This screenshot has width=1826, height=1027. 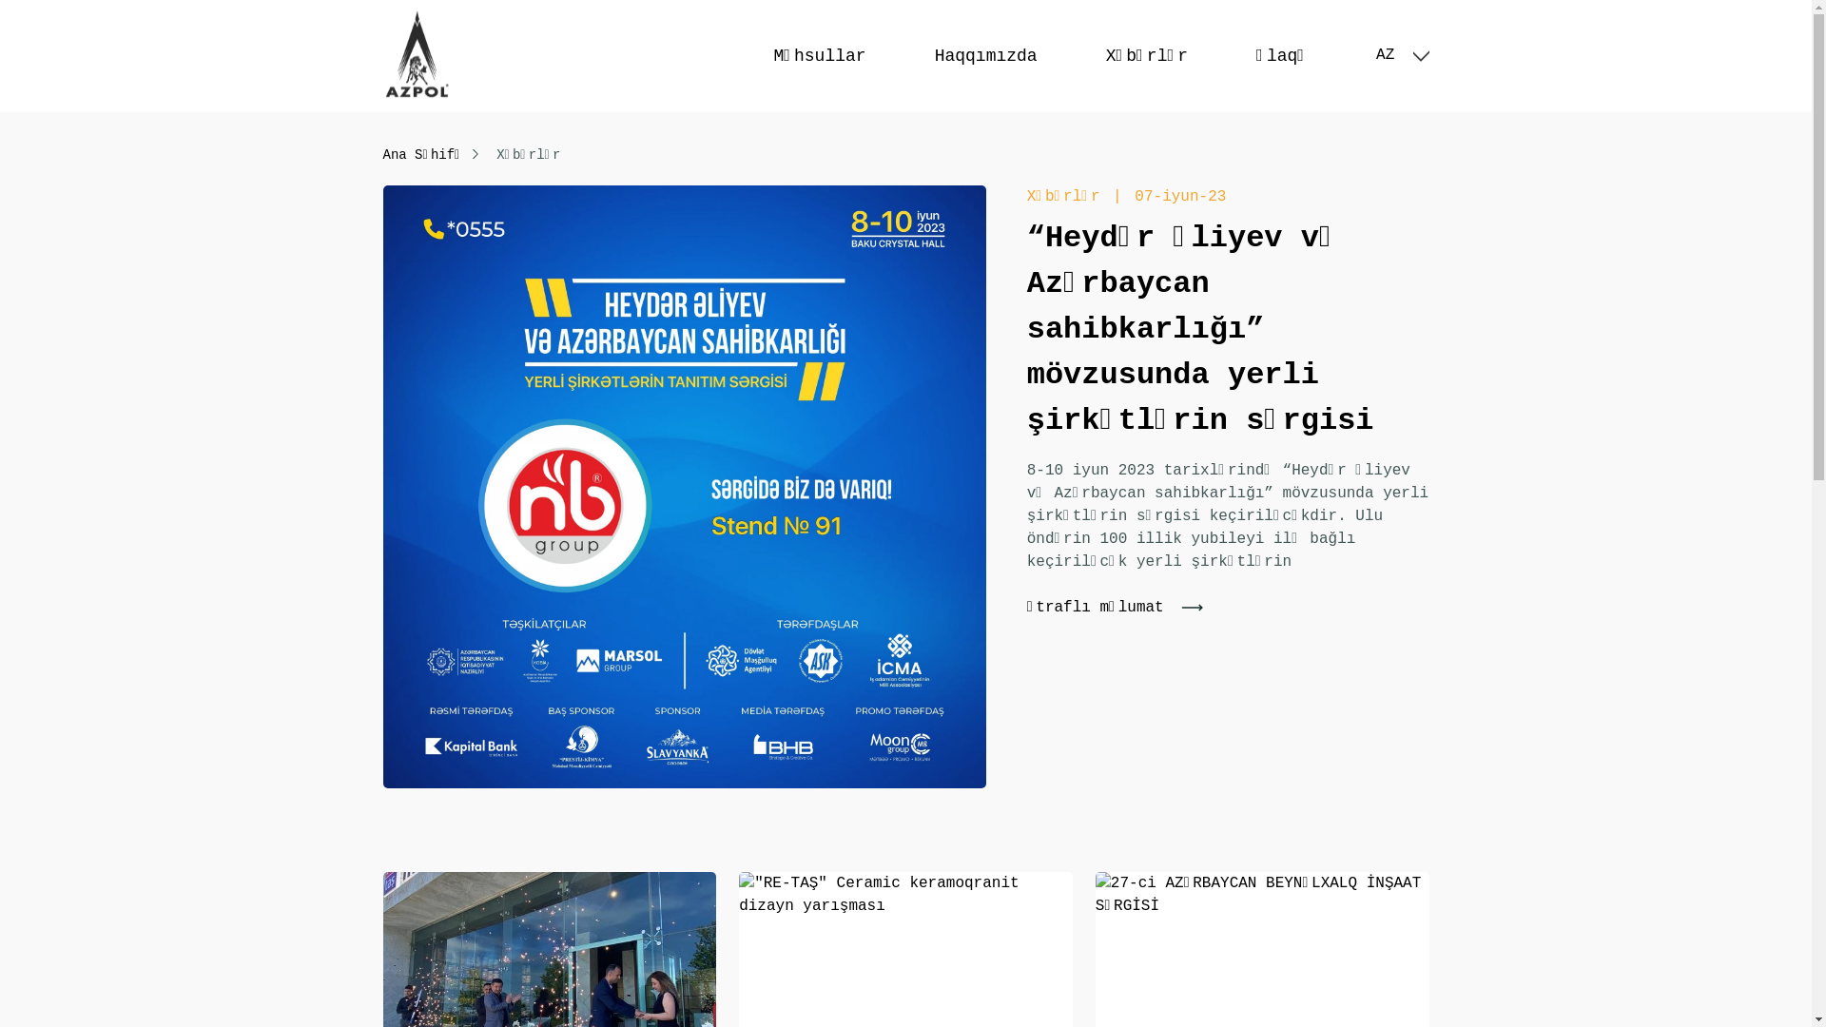 What do you see at coordinates (1375, 53) in the screenshot?
I see `'AZ  '` at bounding box center [1375, 53].